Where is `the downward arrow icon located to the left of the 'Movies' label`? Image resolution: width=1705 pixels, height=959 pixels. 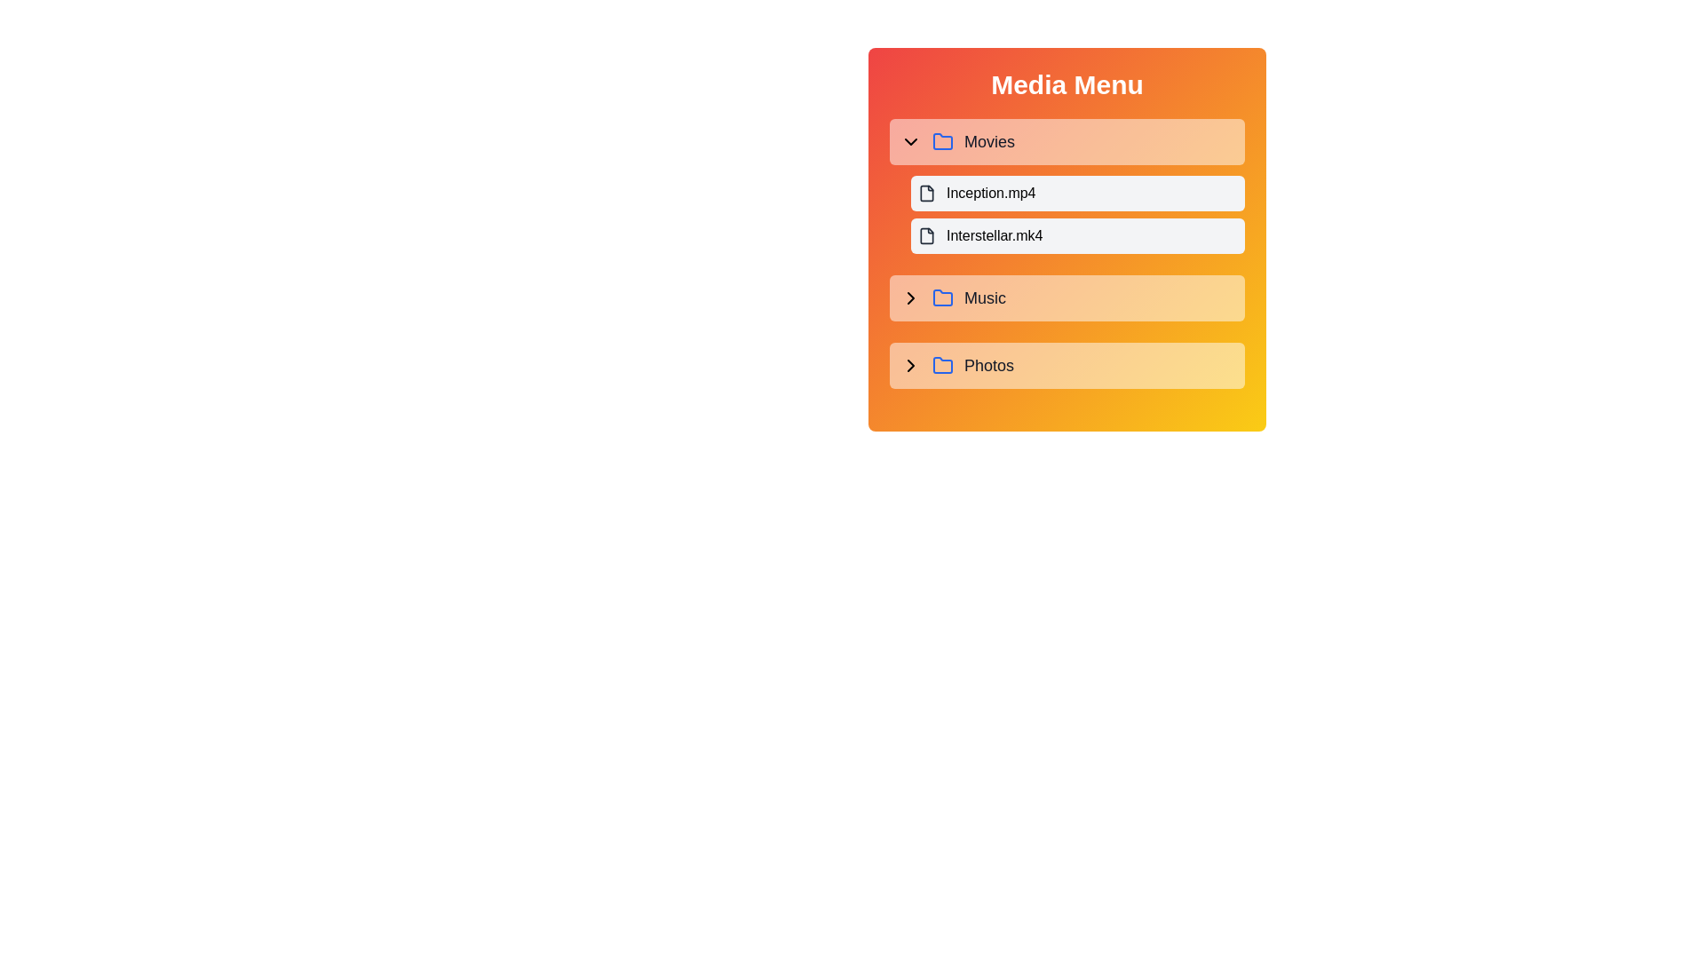
the downward arrow icon located to the left of the 'Movies' label is located at coordinates (911, 140).